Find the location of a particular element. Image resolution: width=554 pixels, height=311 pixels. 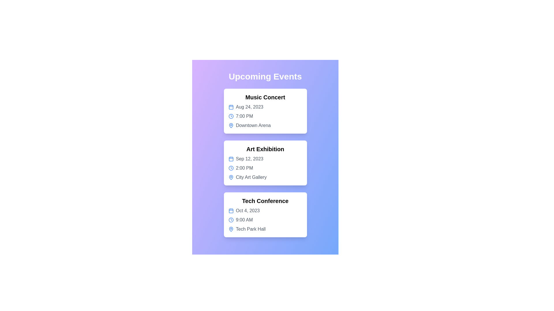

the time icon that visually represents '7:00 PM', located to the left of the text '7:00 PM' is located at coordinates (231, 116).